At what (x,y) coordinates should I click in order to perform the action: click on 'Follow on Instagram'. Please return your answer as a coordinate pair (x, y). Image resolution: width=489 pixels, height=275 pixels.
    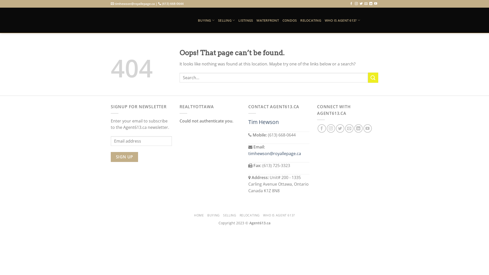
    Looking at the image, I should click on (356, 4).